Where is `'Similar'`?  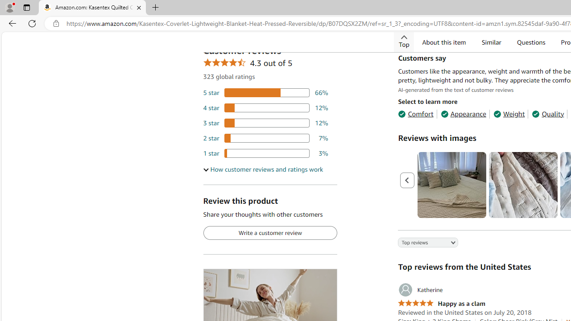 'Similar' is located at coordinates (490, 42).